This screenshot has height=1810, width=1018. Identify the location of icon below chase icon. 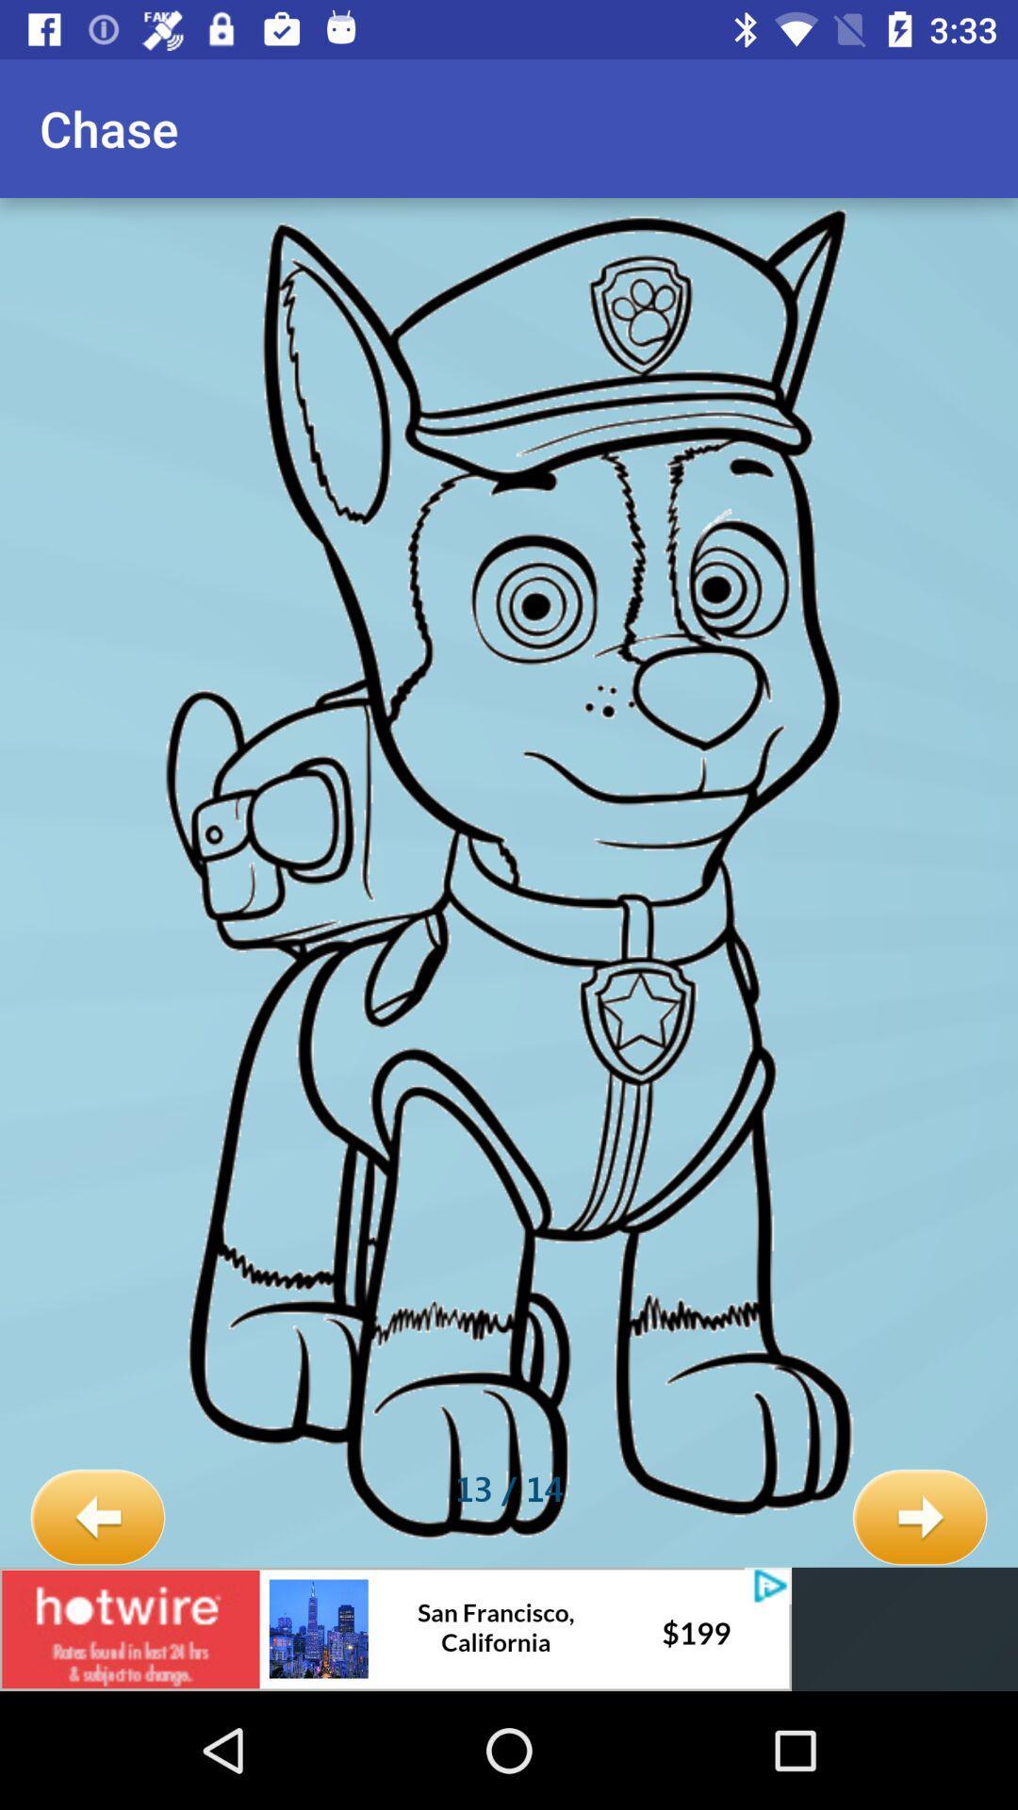
(97, 1518).